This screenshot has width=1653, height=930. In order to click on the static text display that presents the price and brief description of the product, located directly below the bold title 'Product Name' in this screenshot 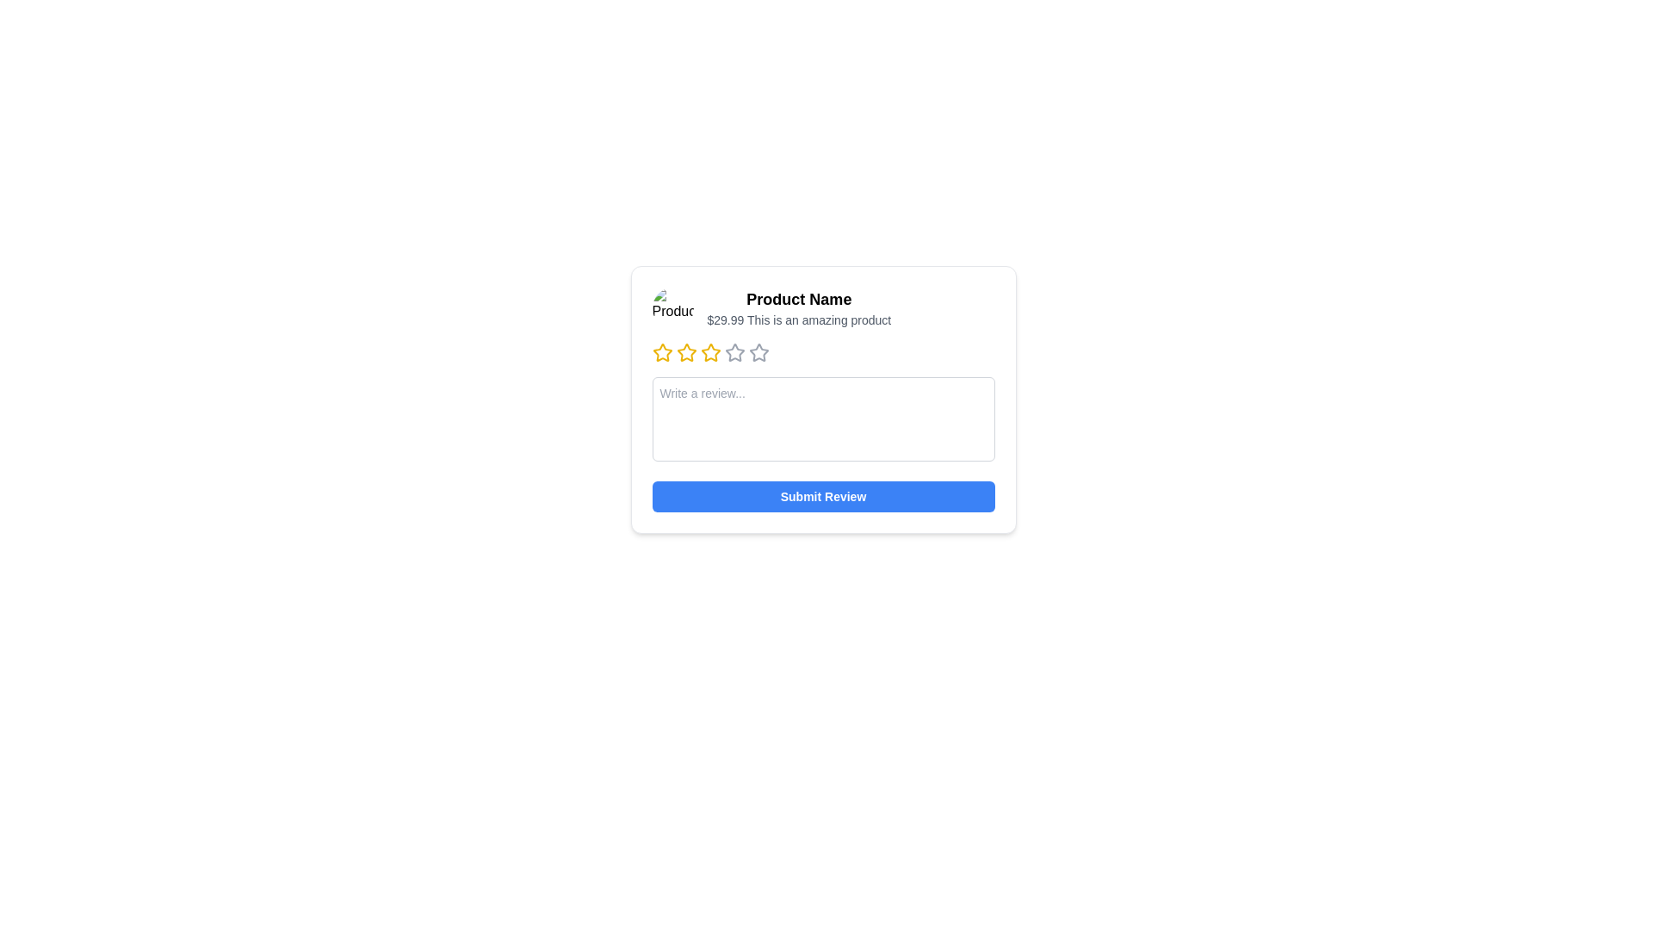, I will do `click(798, 319)`.